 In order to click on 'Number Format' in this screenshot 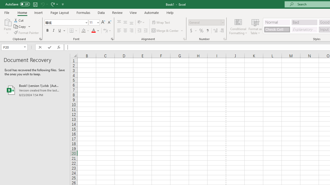, I will do `click(204, 22)`.